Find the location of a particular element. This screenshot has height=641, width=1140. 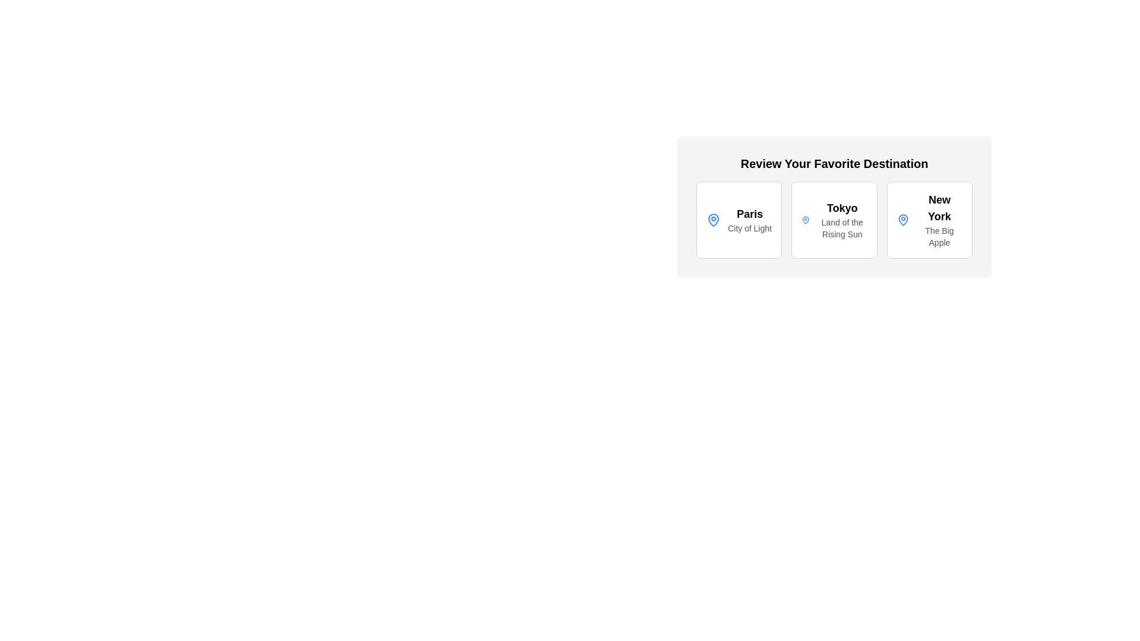

the button-like card labeled 'New York' which features a blue map pin icon and the text 'The Big Apple', located at the far right of a horizontal arrangement of similar elements is located at coordinates (929, 220).